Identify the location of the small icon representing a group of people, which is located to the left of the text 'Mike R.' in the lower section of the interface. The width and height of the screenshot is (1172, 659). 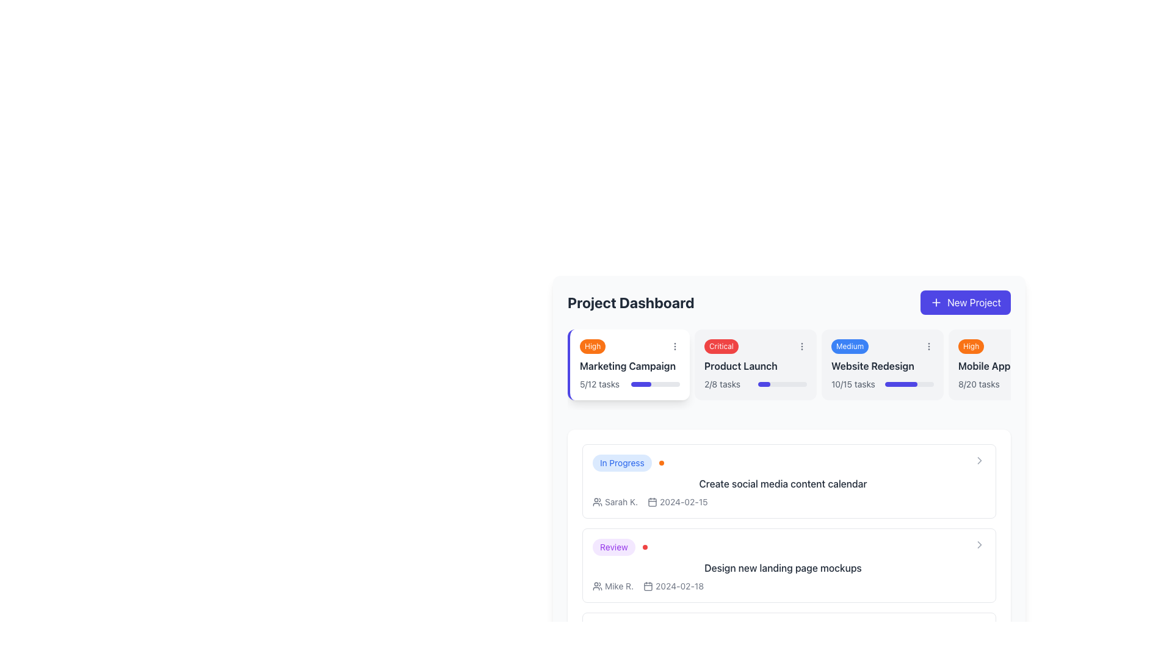
(598, 585).